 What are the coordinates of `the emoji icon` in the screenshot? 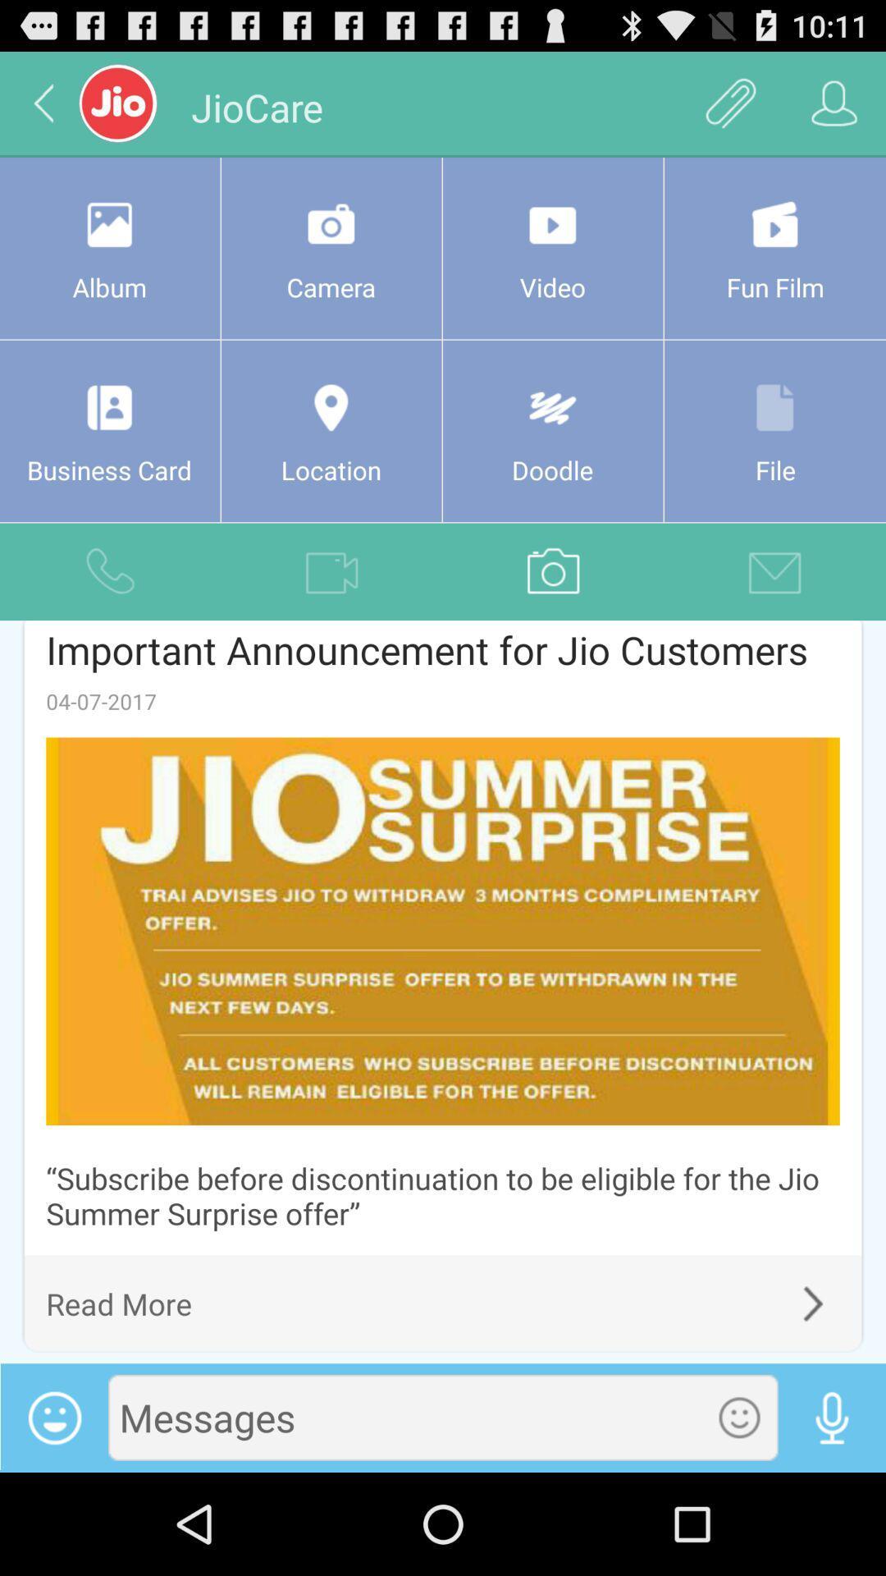 It's located at (739, 1516).